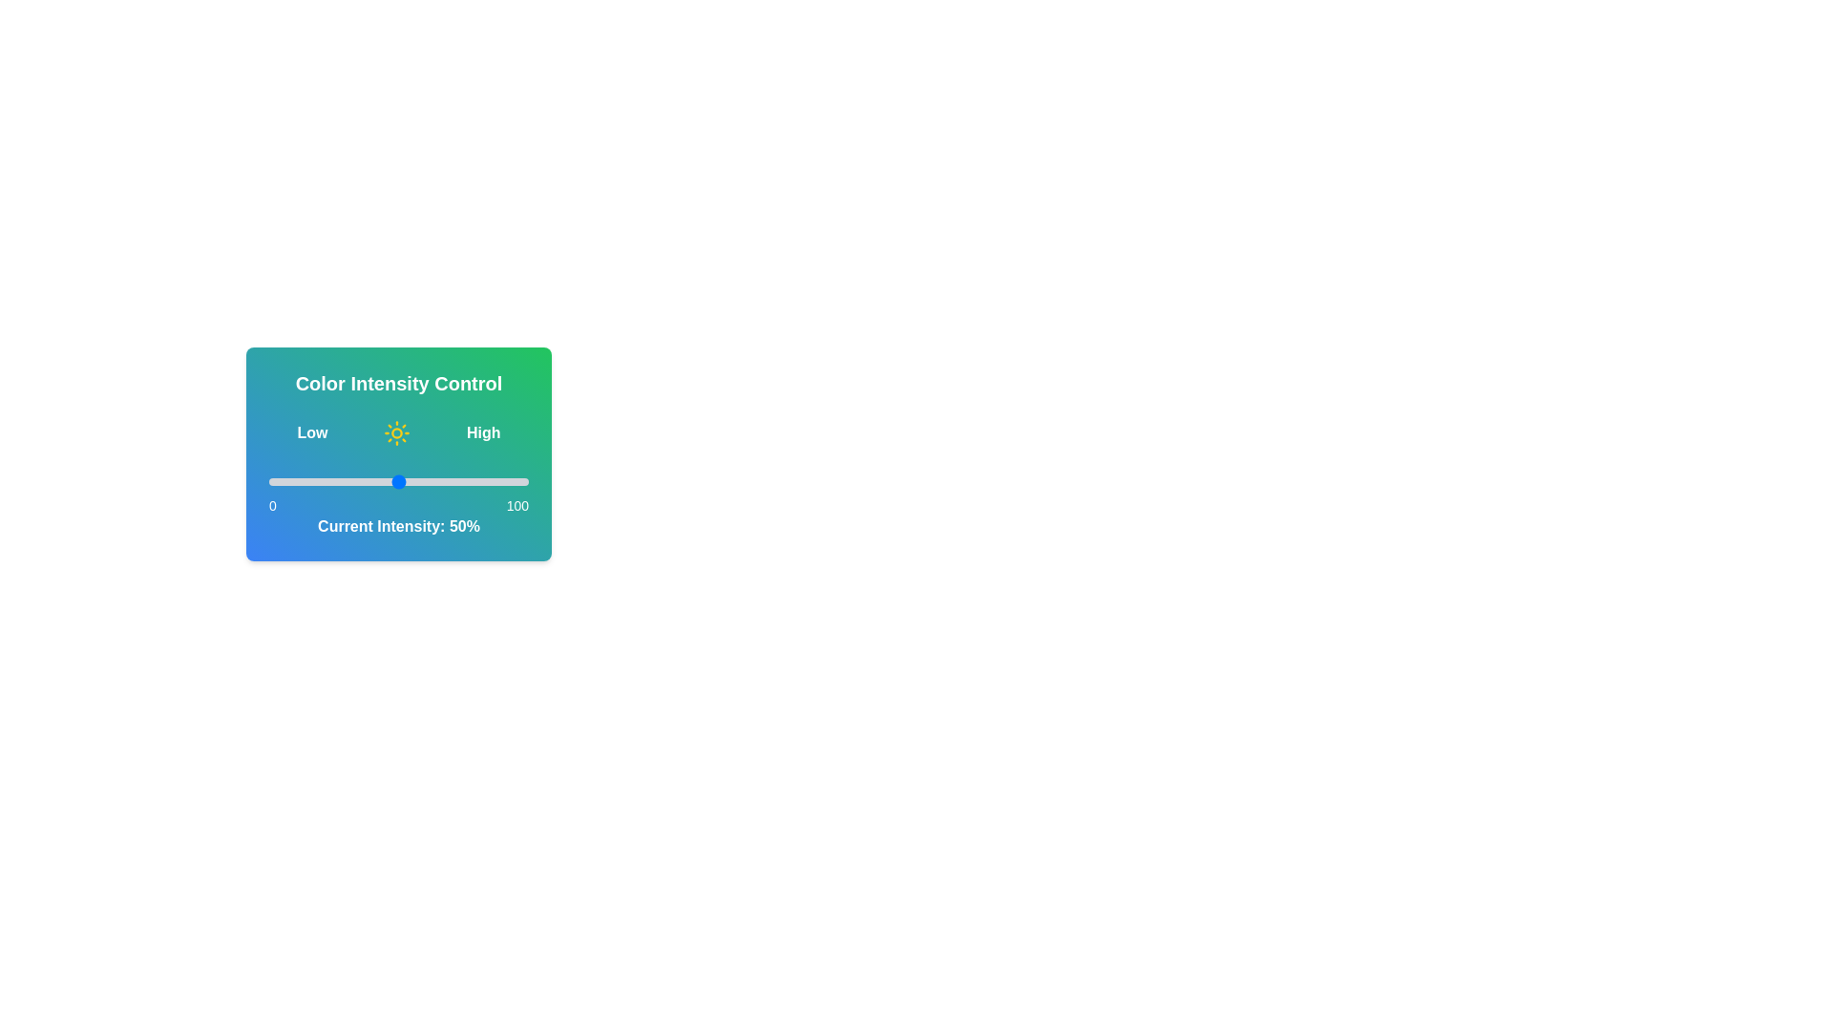 This screenshot has width=1833, height=1031. What do you see at coordinates (510, 481) in the screenshot?
I see `the intensity value` at bounding box center [510, 481].